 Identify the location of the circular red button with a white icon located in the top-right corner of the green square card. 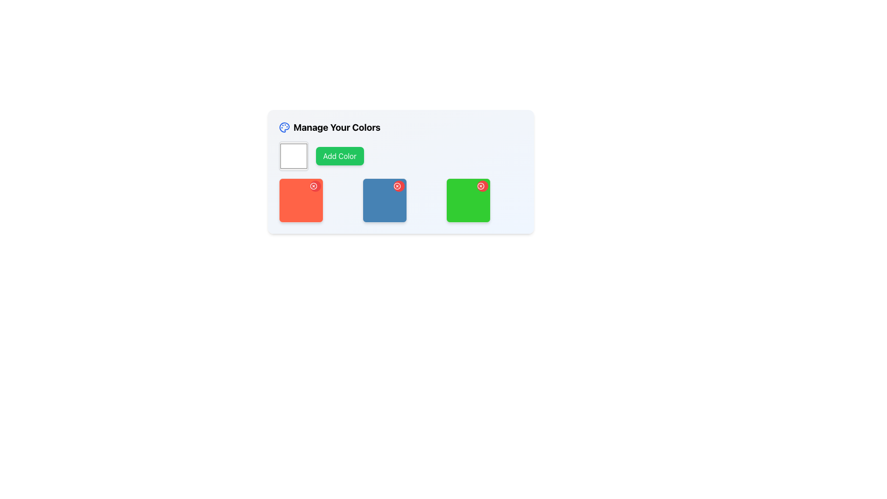
(482, 186).